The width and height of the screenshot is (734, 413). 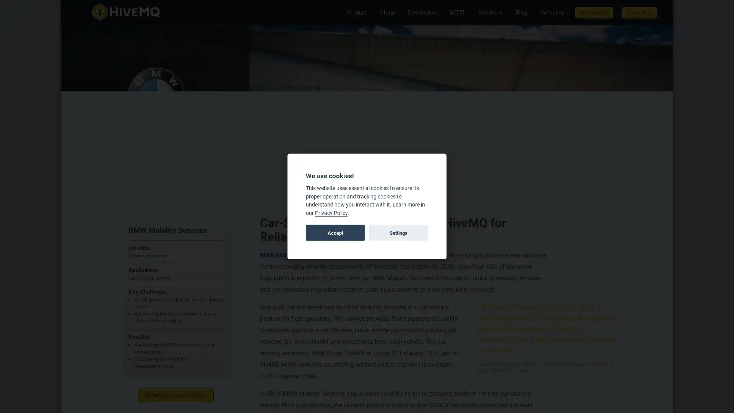 I want to click on Contact us, so click(x=639, y=12).